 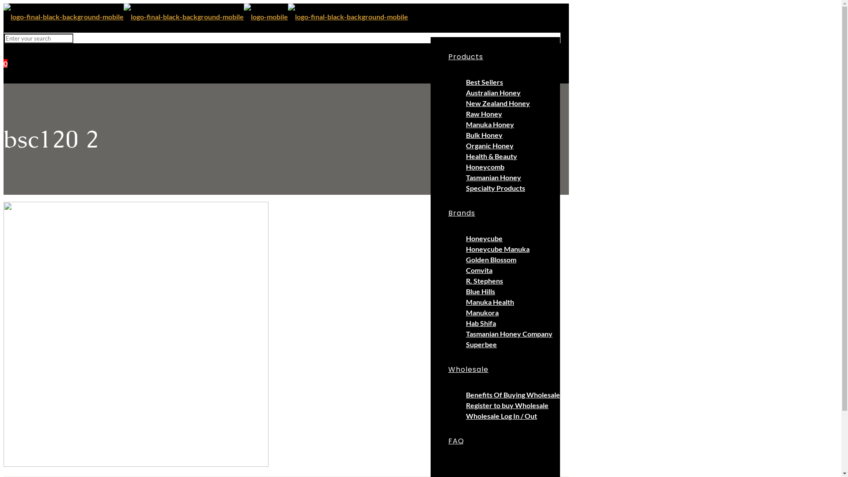 I want to click on 'Blue Hills', so click(x=480, y=291).